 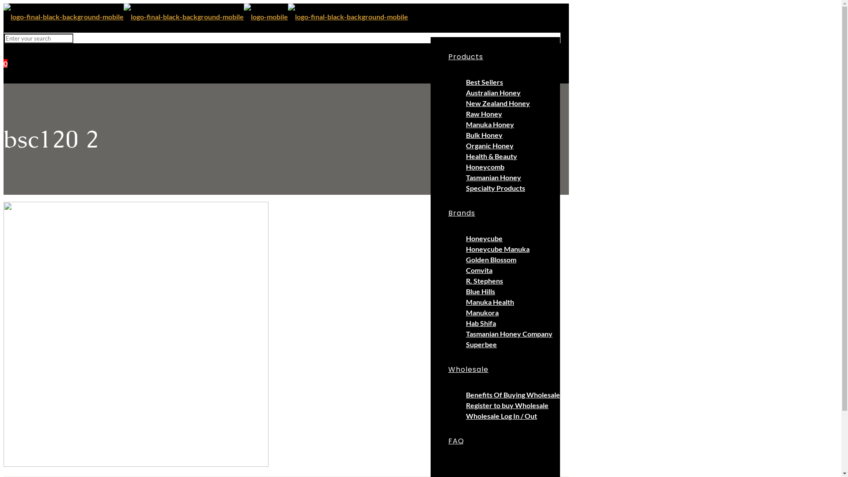 I want to click on 'Blue Hills', so click(x=480, y=291).